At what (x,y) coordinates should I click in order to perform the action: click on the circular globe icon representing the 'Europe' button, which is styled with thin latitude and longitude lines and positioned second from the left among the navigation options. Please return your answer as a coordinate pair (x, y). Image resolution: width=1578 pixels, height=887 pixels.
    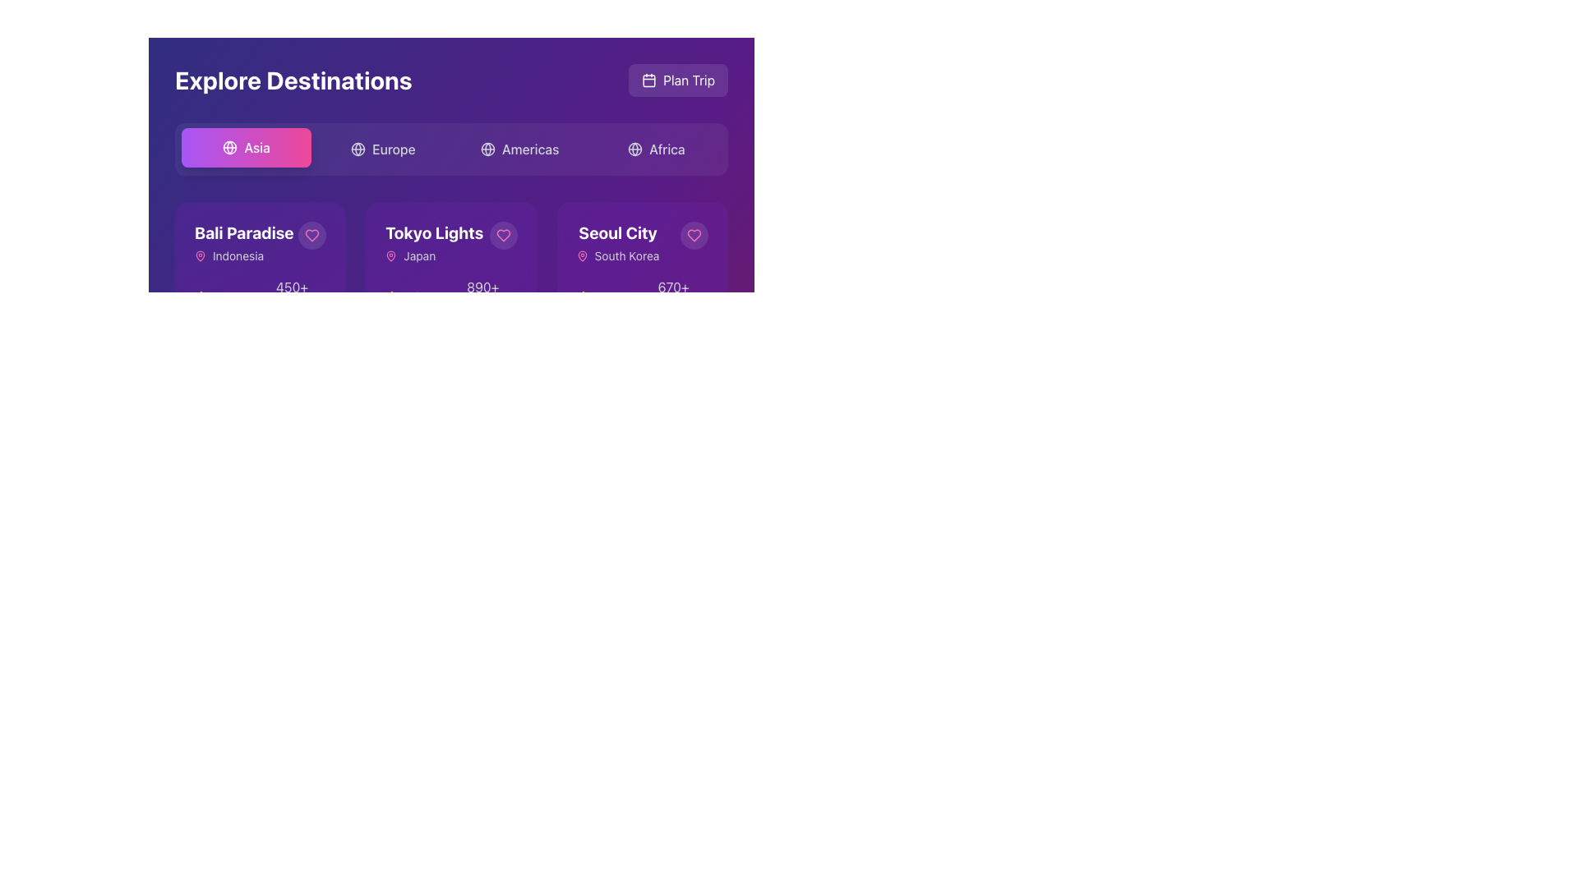
    Looking at the image, I should click on (358, 149).